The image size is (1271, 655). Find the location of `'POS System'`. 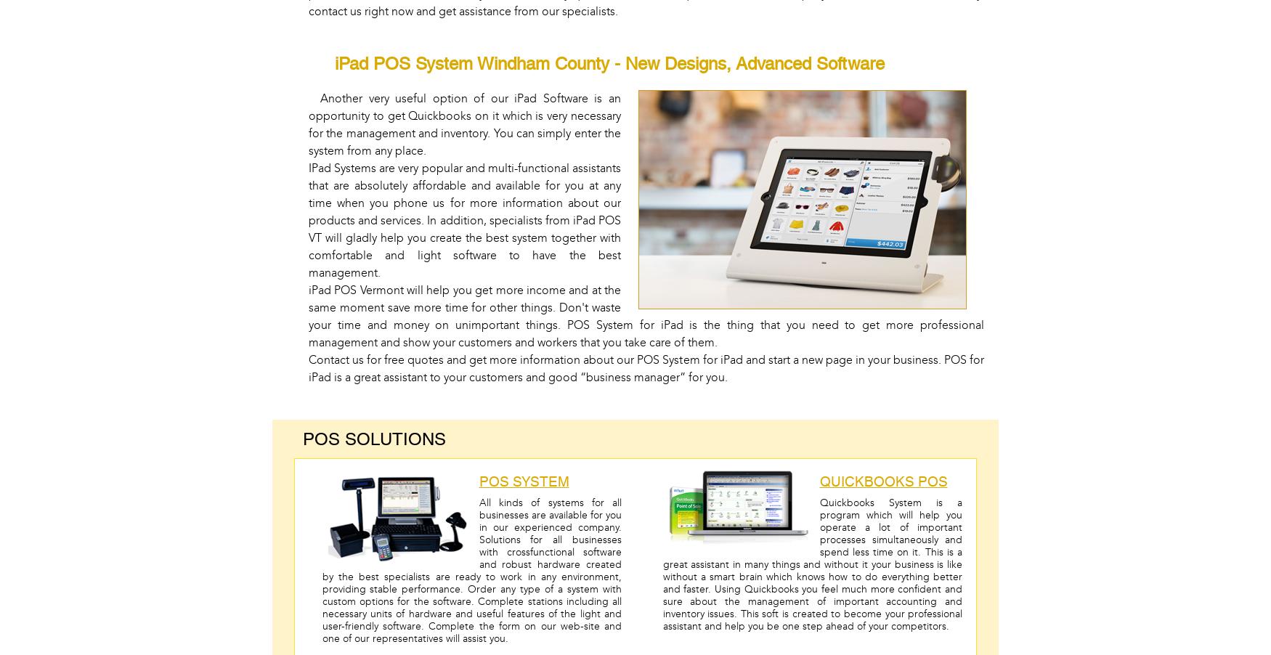

'POS System' is located at coordinates (478, 480).